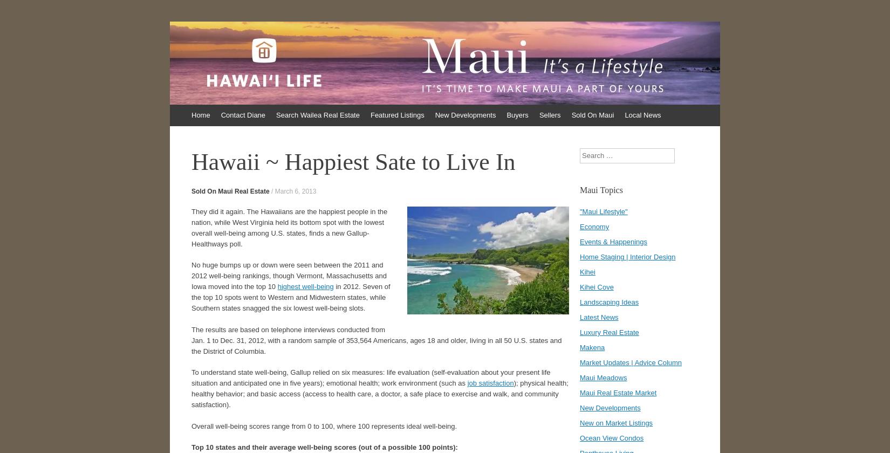 The width and height of the screenshot is (890, 453). Describe the element at coordinates (579, 362) in the screenshot. I see `'Market Updates | Advice Column'` at that location.